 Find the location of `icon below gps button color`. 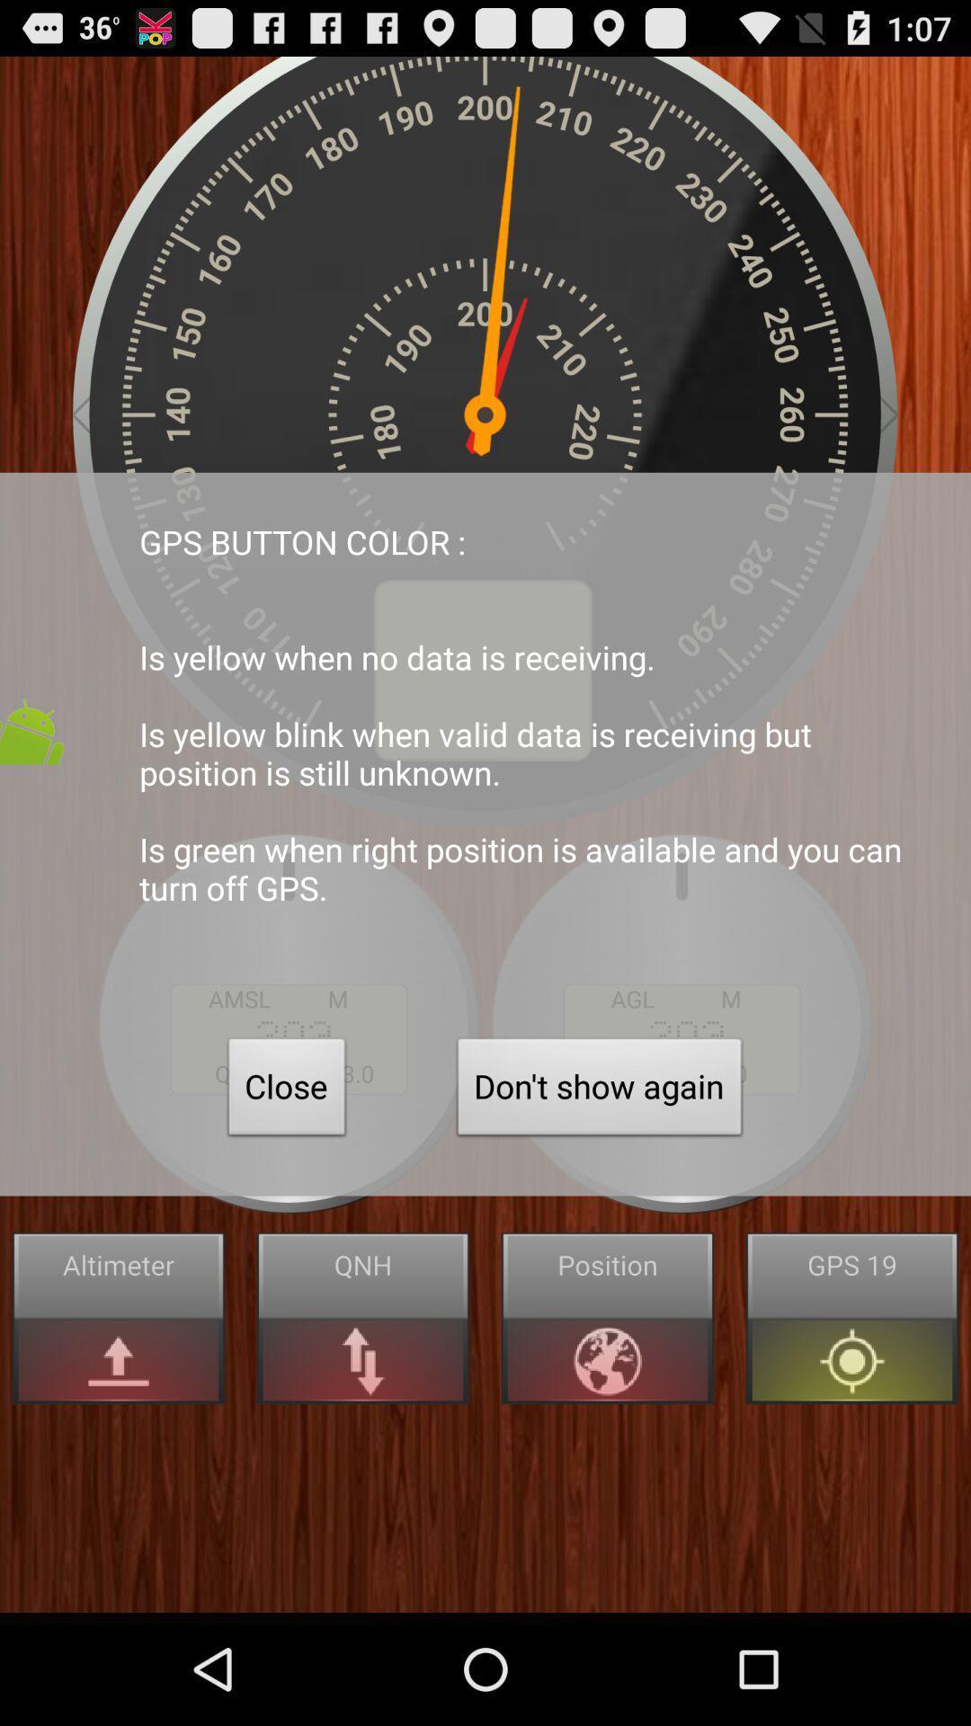

icon below gps button color is located at coordinates (286, 1090).